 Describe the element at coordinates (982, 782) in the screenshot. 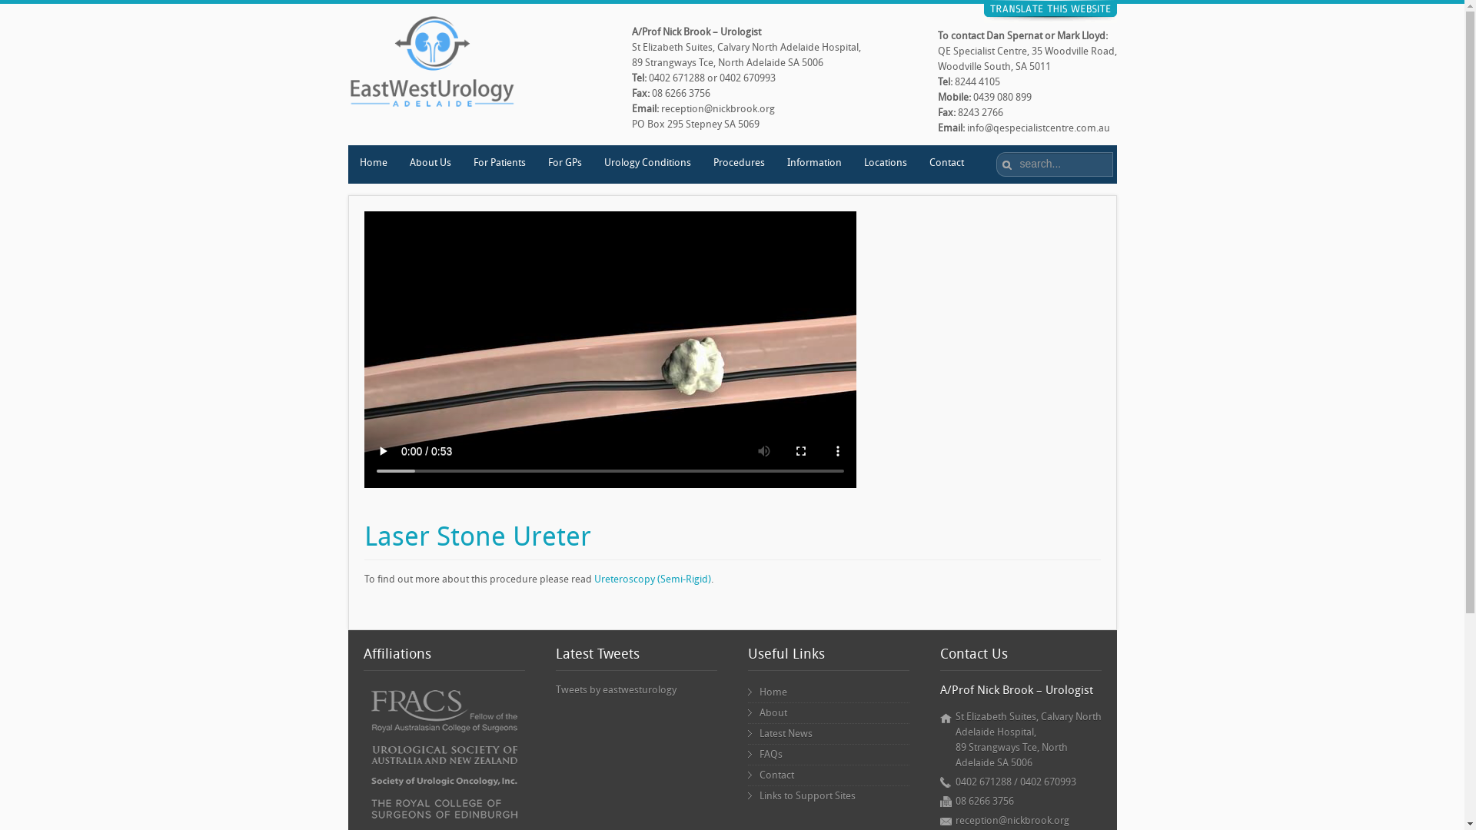

I see `'0402 671288'` at that location.